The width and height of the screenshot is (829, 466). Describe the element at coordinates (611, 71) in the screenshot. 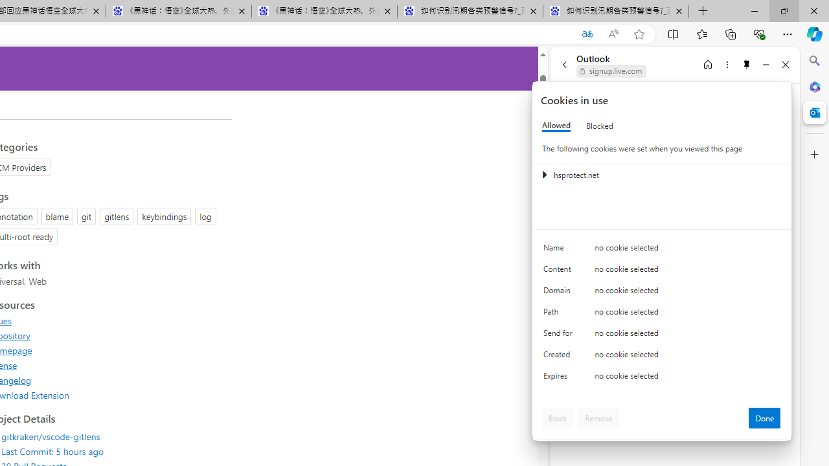

I see `'signup.live.com'` at that location.